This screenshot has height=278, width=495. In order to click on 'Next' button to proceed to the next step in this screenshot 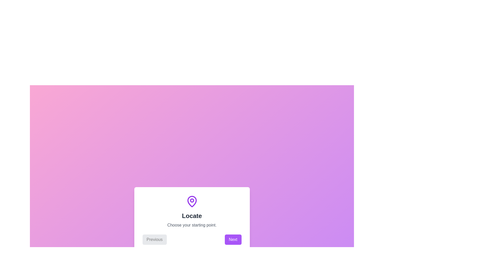, I will do `click(233, 239)`.